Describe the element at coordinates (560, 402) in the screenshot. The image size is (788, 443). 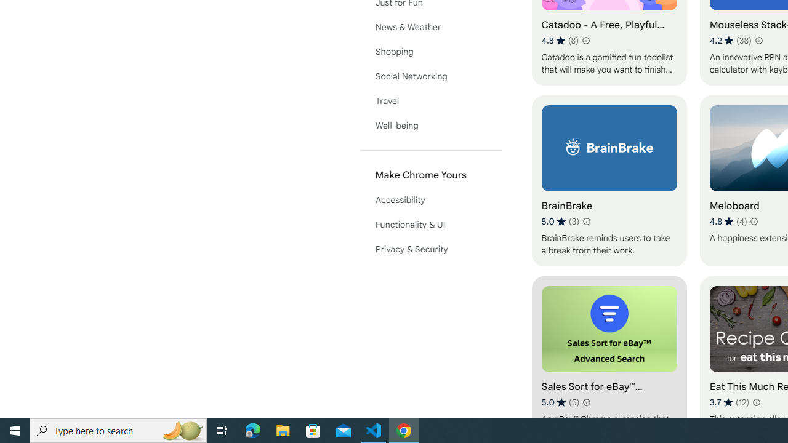
I see `'Average rating 5 out of 5 stars. 5 ratings.'` at that location.